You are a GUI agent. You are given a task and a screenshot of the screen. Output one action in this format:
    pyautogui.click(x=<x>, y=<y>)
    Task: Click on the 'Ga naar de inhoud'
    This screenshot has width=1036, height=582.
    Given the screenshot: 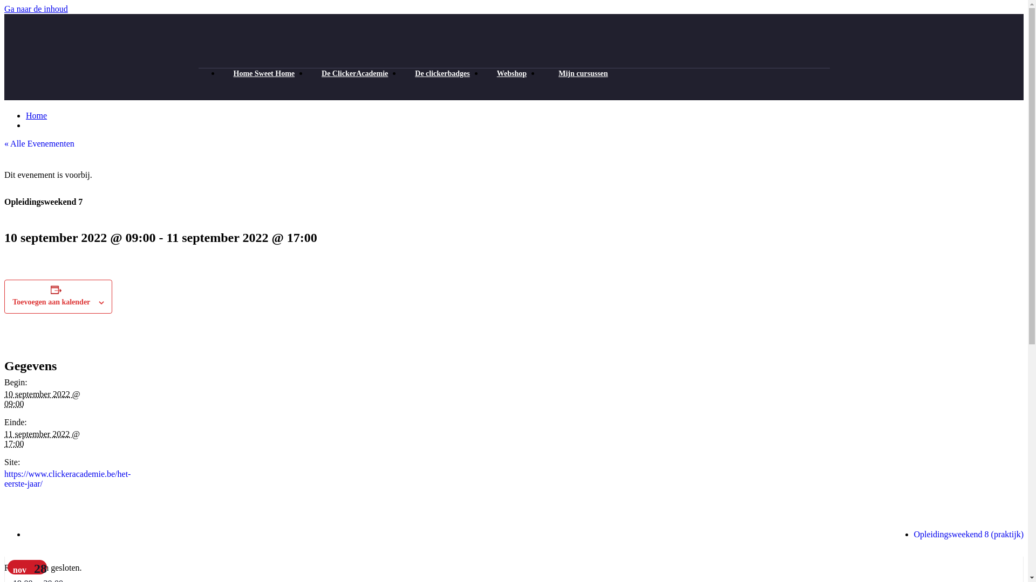 What is the action you would take?
    pyautogui.click(x=36, y=9)
    